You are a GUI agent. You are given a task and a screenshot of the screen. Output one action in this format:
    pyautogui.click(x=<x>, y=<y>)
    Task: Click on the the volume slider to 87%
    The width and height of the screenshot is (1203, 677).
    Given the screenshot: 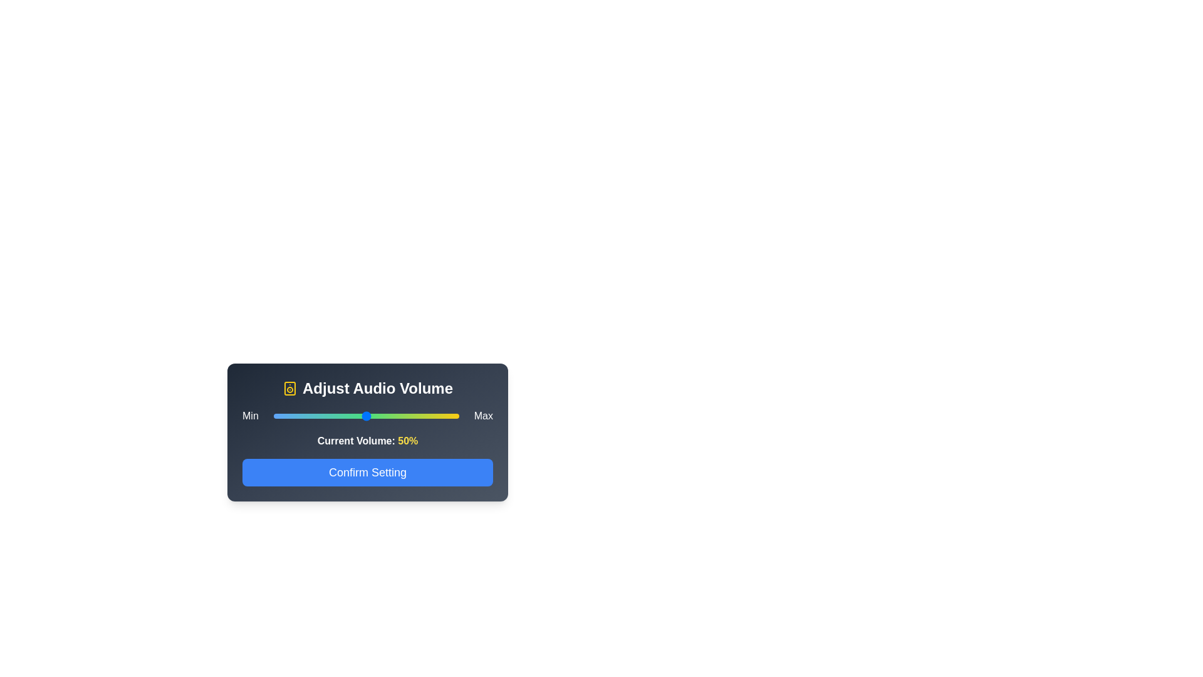 What is the action you would take?
    pyautogui.click(x=435, y=416)
    